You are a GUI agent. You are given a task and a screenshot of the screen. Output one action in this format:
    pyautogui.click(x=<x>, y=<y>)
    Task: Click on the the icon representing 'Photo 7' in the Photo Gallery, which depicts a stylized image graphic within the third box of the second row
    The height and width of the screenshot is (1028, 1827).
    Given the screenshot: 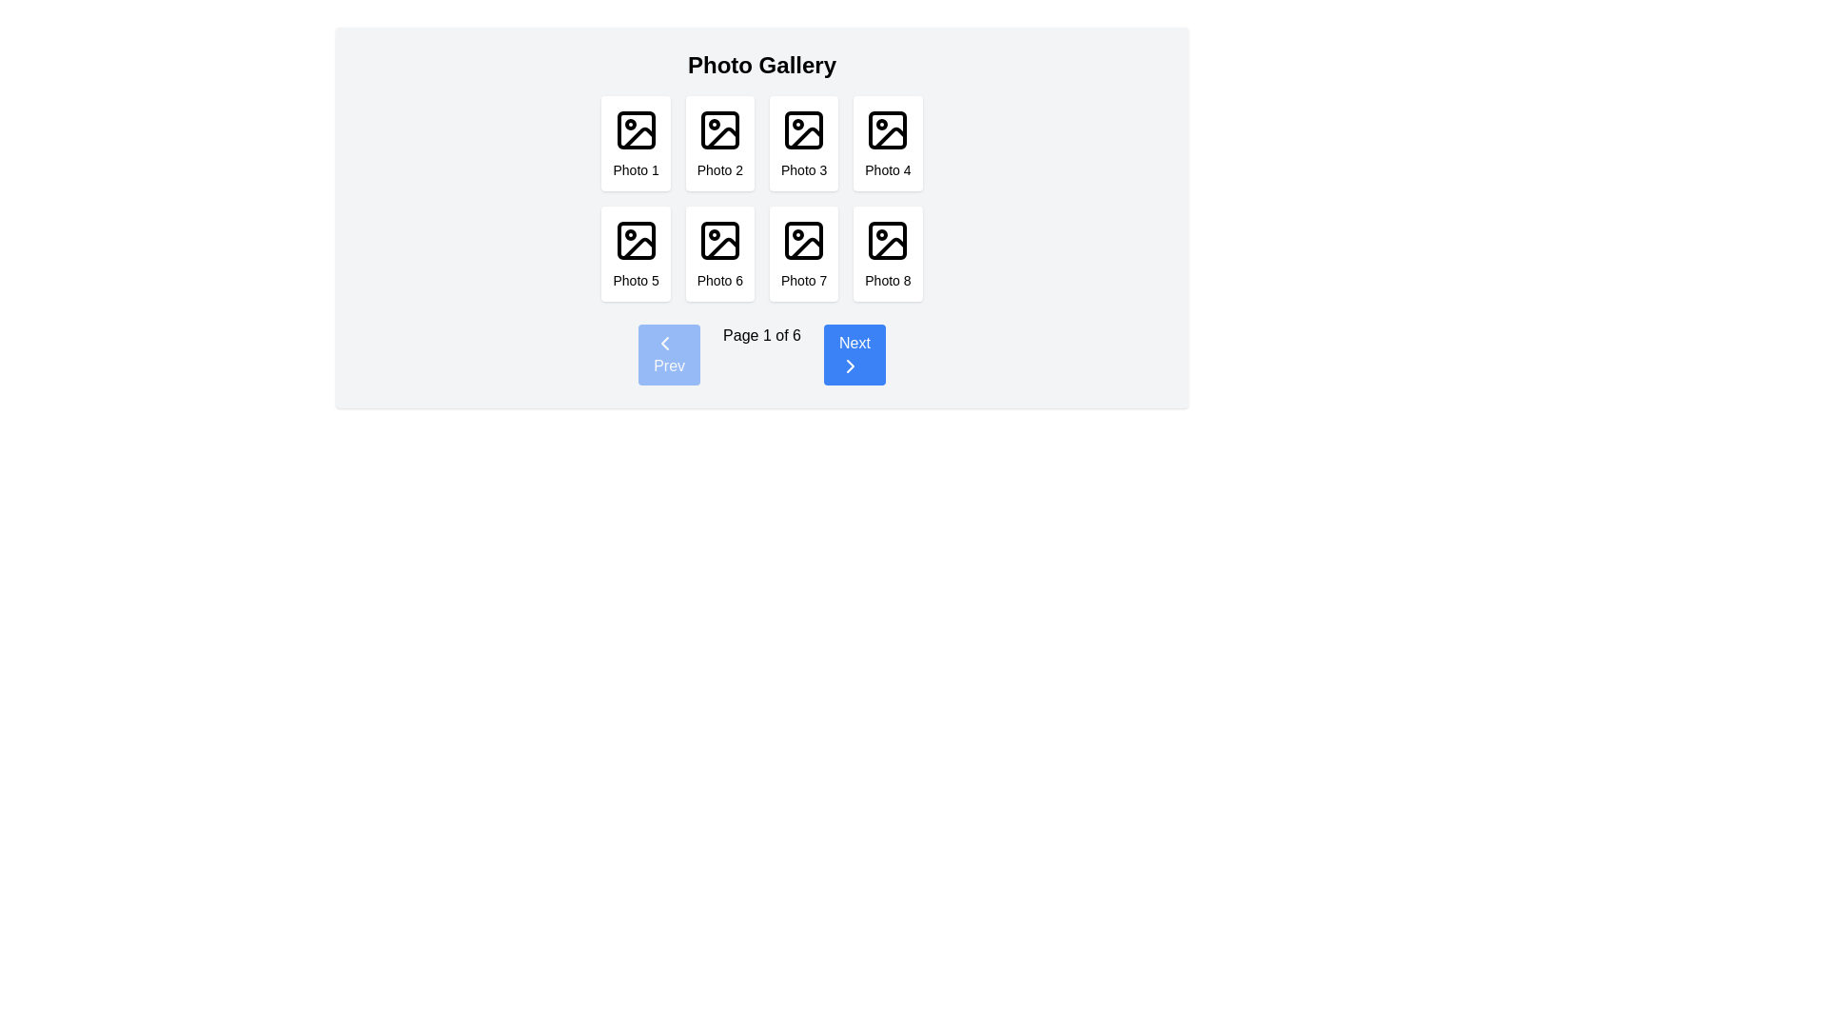 What is the action you would take?
    pyautogui.click(x=804, y=240)
    